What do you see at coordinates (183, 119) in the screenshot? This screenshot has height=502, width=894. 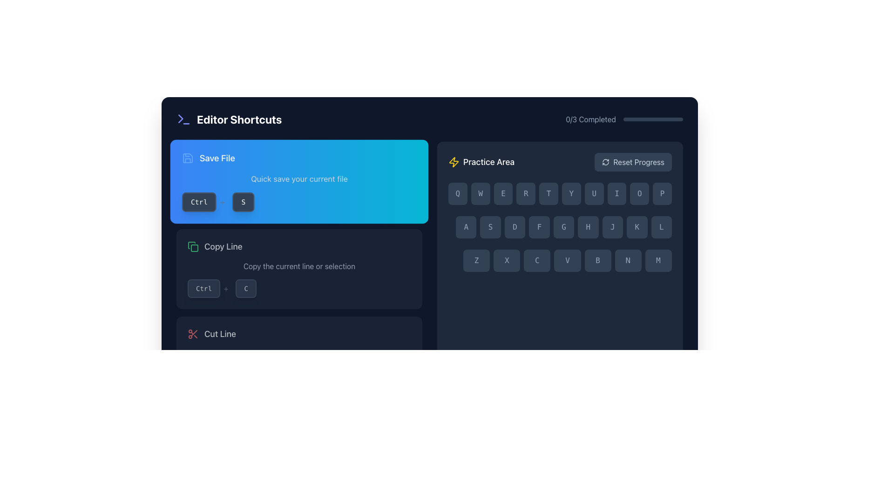 I see `the icon representing the 'Editor Shortcuts' section, which is located next to the text 'Editor Shortcuts' at the top-left side of the interface` at bounding box center [183, 119].